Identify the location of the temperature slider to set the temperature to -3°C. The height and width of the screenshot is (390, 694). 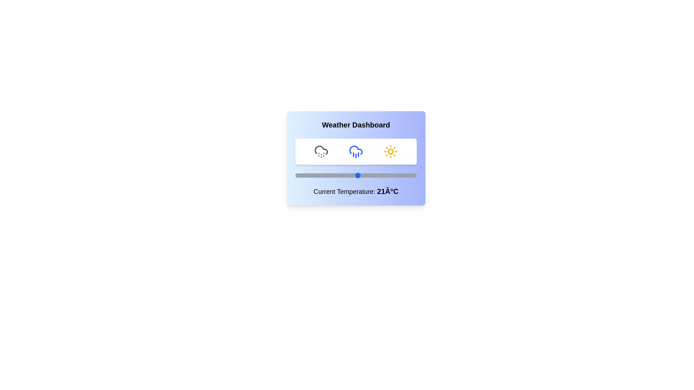
(309, 175).